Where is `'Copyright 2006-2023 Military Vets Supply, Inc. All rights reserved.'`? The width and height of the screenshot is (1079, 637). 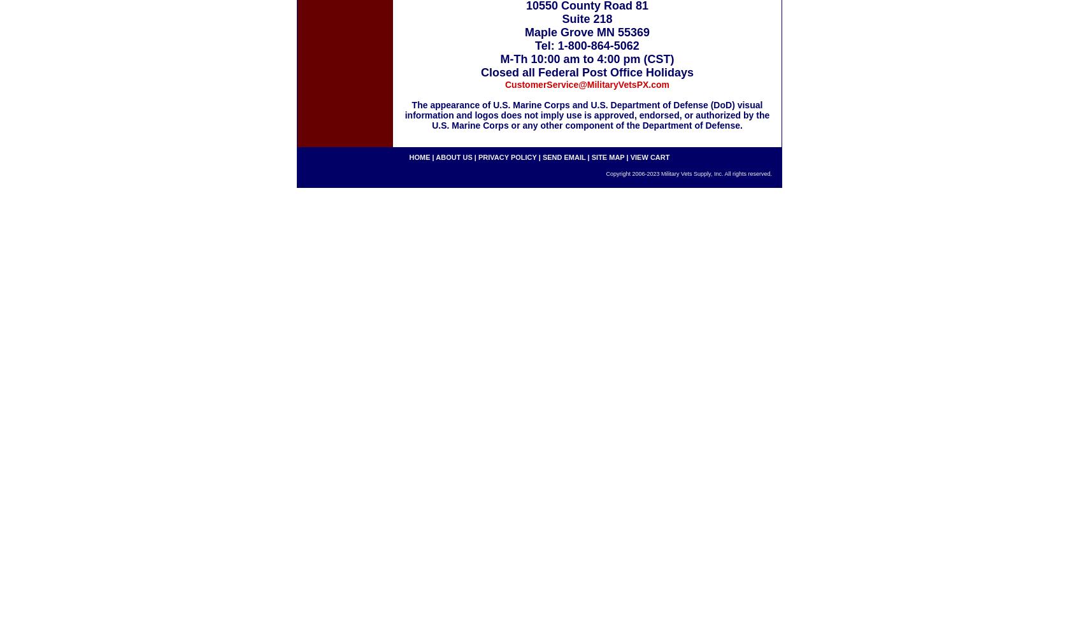 'Copyright 2006-2023 Military Vets Supply, Inc. All rights reserved.' is located at coordinates (689, 174).